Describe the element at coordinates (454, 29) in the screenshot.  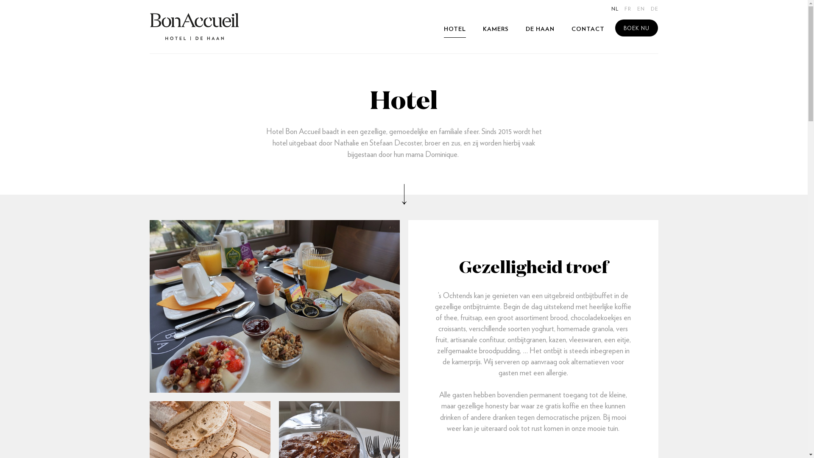
I see `'HOTEL` at that location.